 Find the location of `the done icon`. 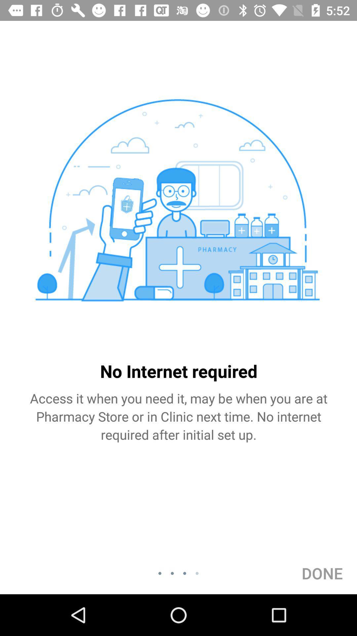

the done icon is located at coordinates (322, 573).